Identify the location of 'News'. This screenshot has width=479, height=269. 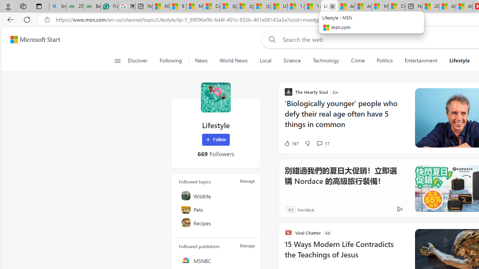
(201, 61).